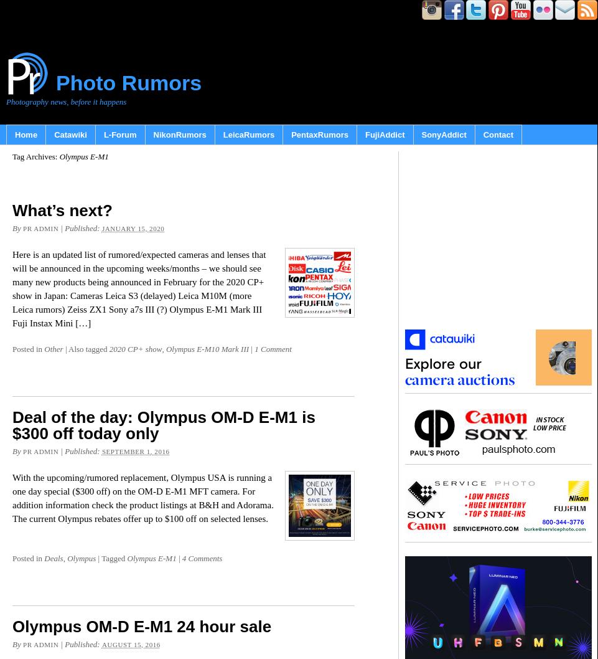  What do you see at coordinates (54, 558) in the screenshot?
I see `'Deals'` at bounding box center [54, 558].